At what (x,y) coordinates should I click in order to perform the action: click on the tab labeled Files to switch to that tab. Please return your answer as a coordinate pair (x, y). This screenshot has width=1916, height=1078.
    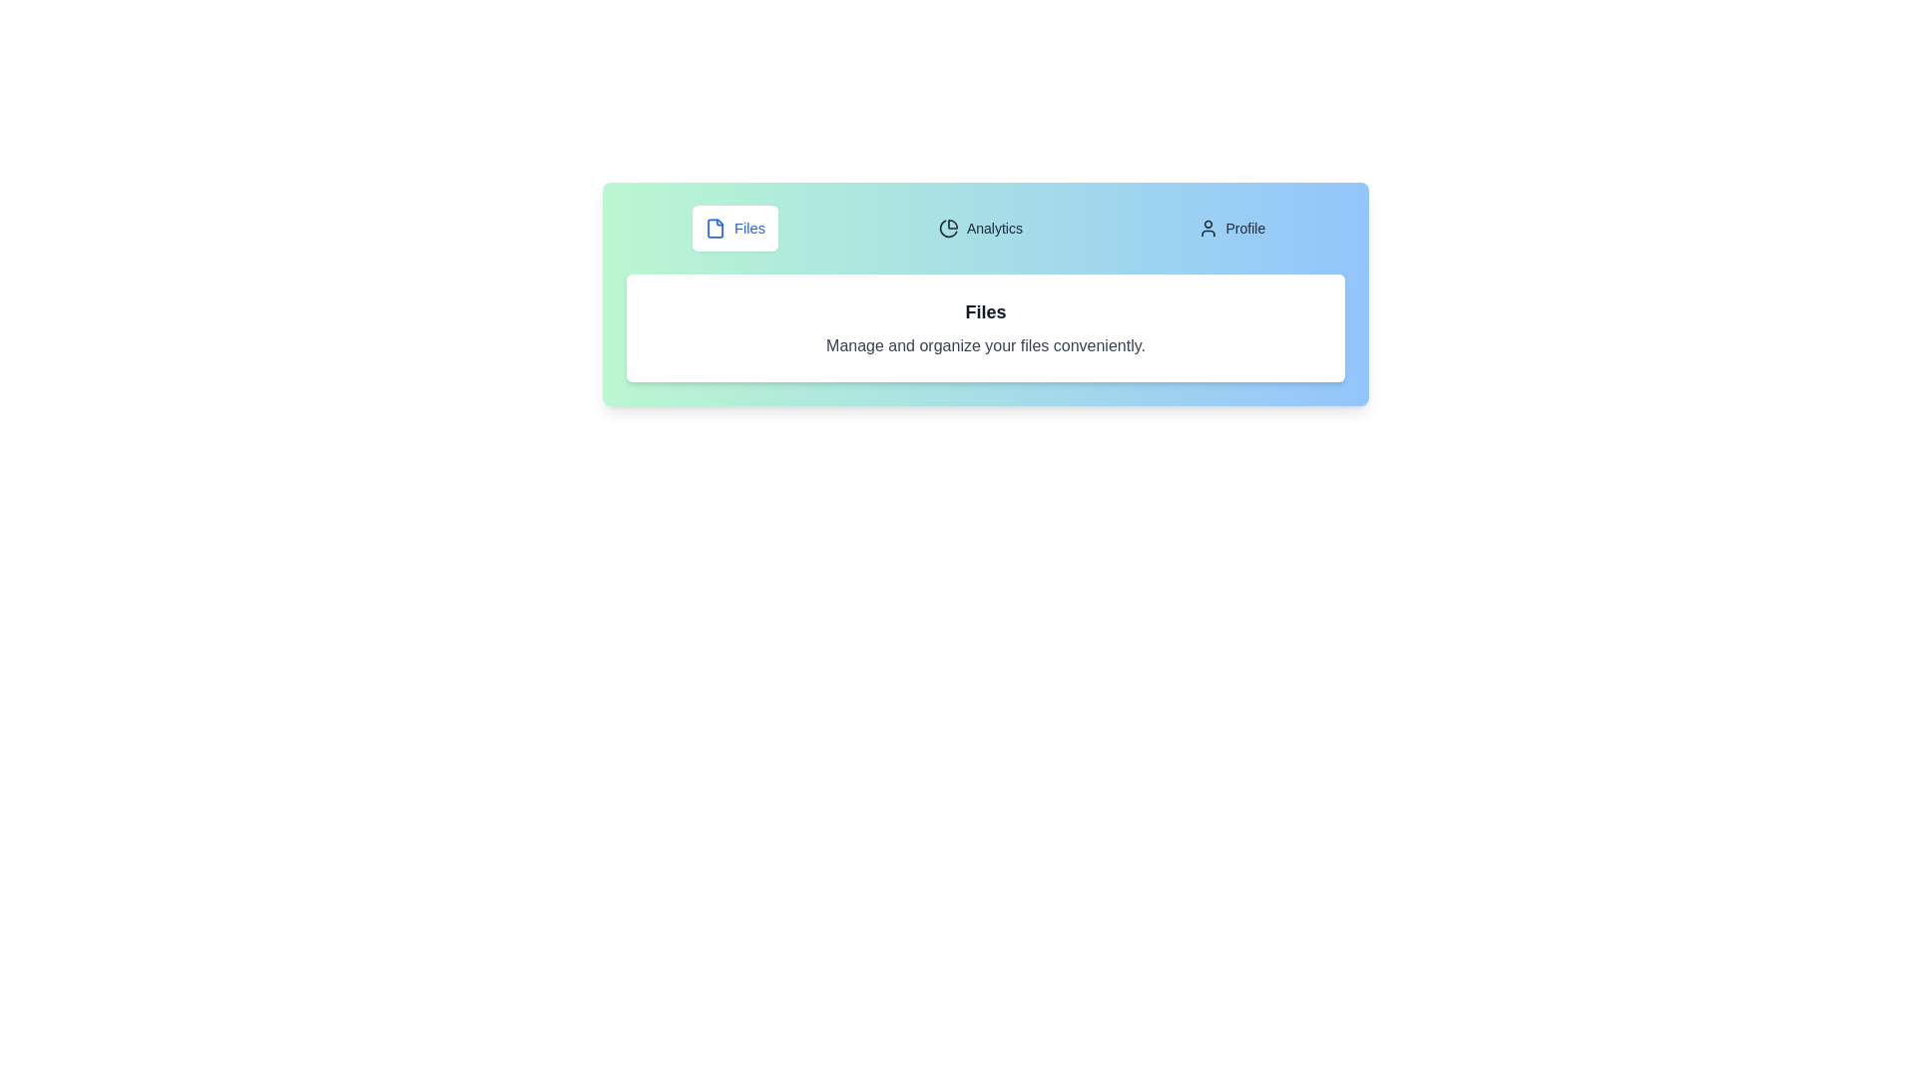
    Looking at the image, I should click on (733, 227).